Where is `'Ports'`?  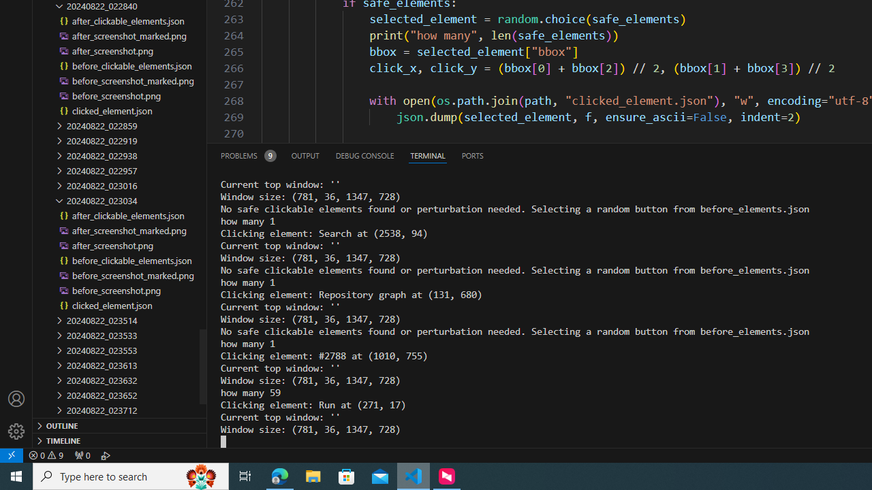 'Ports' is located at coordinates (472, 154).